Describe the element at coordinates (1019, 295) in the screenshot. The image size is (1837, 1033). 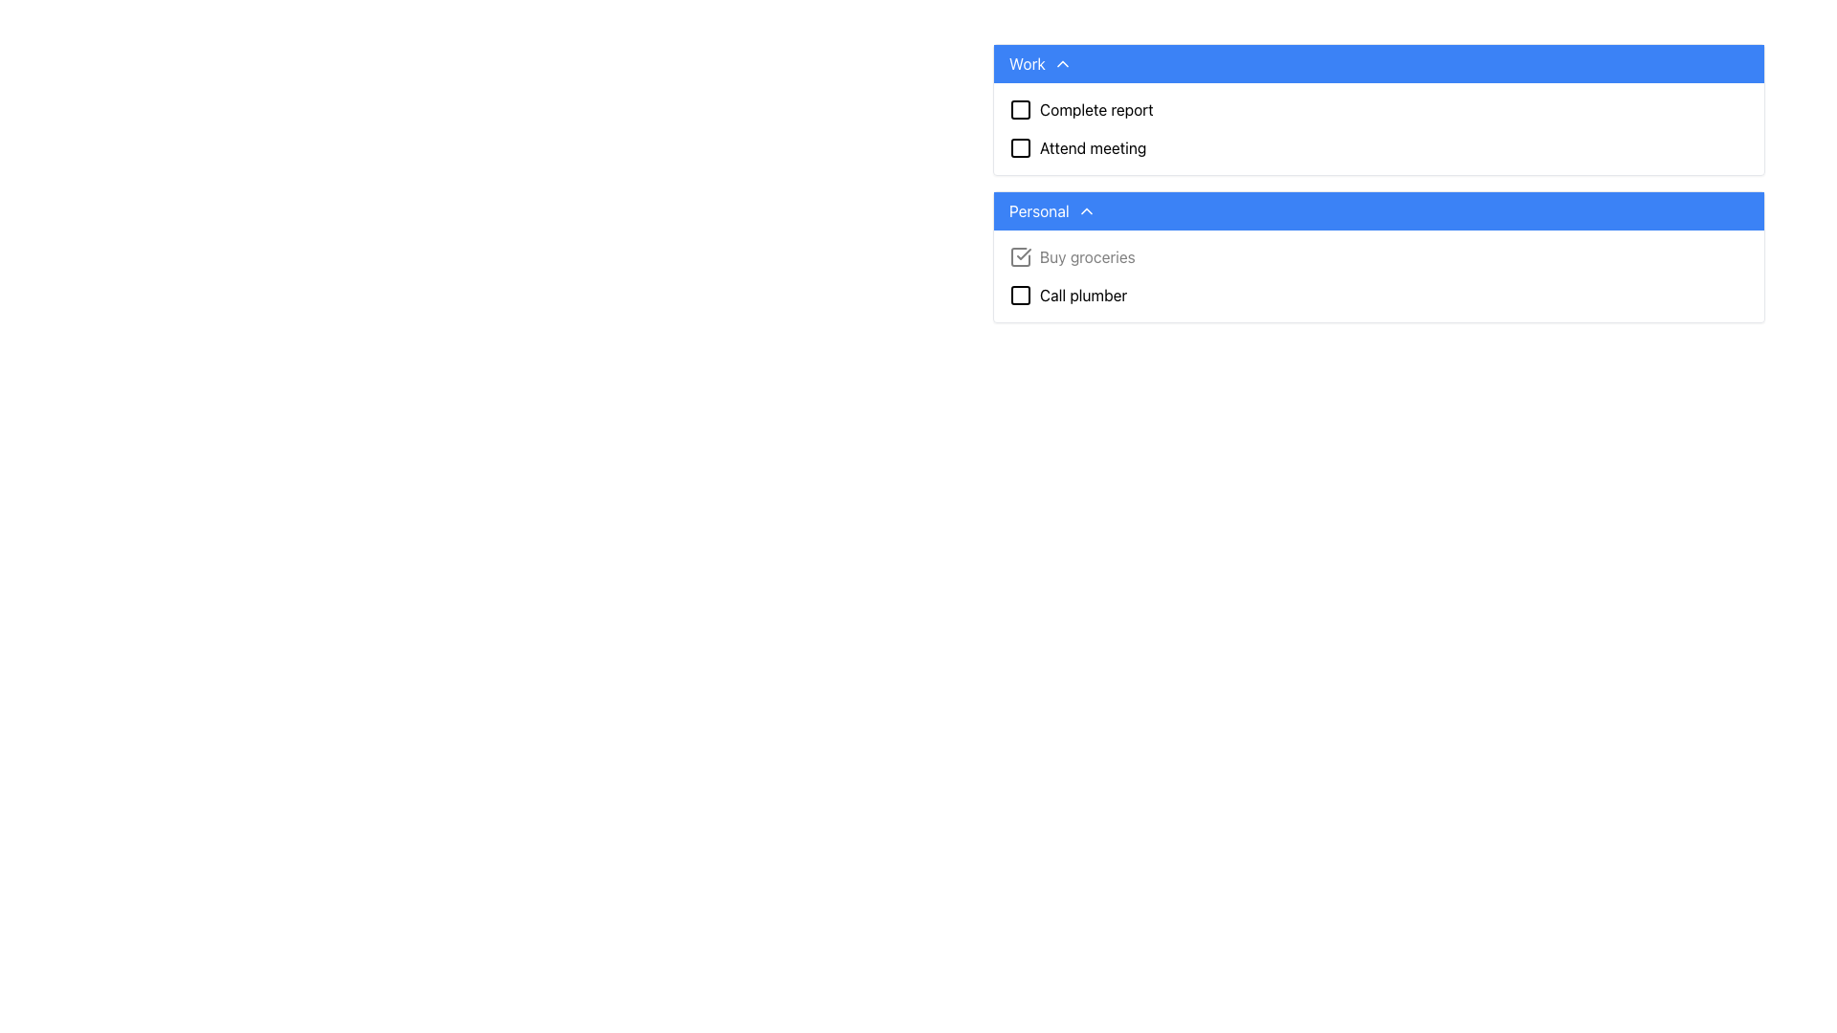
I see `the button that represents the status of the task 'Call plumber' in the second task list under the 'Personal' category` at that location.